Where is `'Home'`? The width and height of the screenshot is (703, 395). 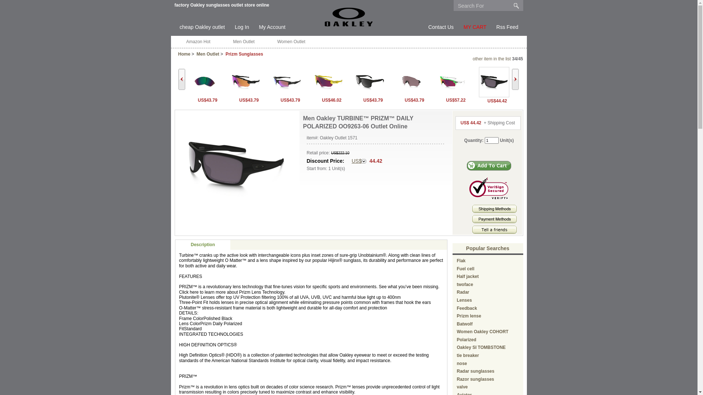 'Home' is located at coordinates (184, 53).